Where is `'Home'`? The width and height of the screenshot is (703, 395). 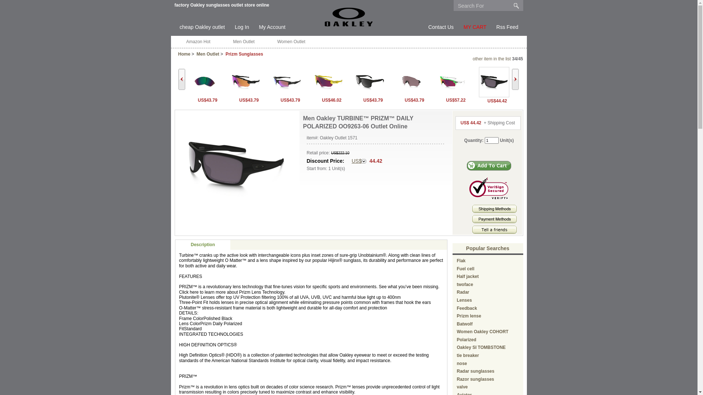 'Home' is located at coordinates (184, 53).